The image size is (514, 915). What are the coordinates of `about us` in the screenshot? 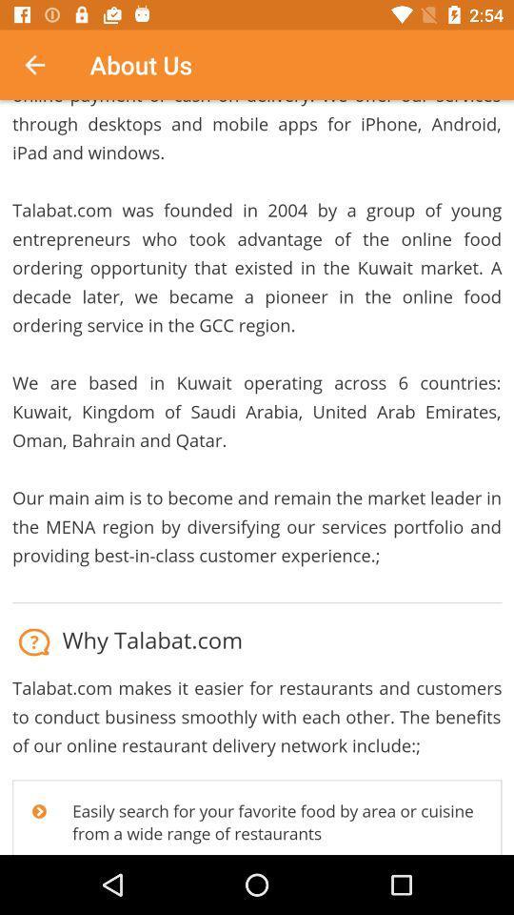 It's located at (257, 477).